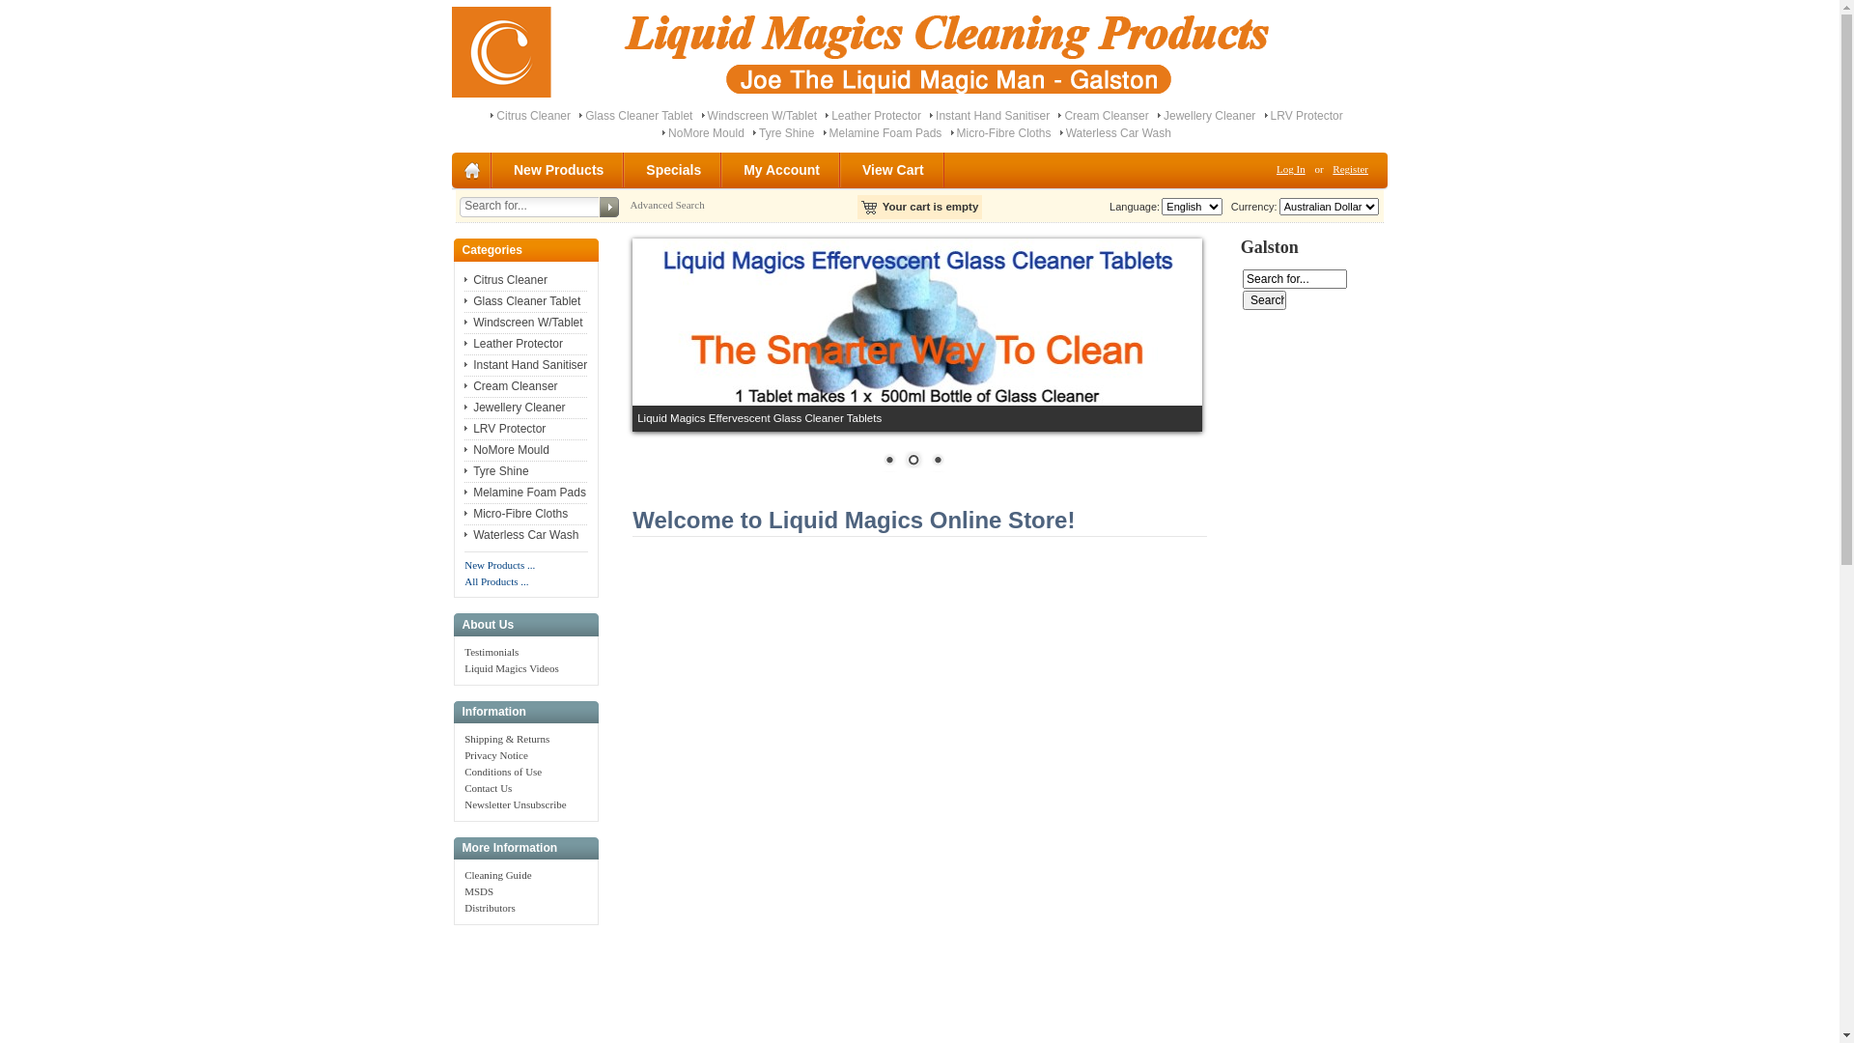 Image resolution: width=1854 pixels, height=1043 pixels. What do you see at coordinates (1264, 300) in the screenshot?
I see `'Search'` at bounding box center [1264, 300].